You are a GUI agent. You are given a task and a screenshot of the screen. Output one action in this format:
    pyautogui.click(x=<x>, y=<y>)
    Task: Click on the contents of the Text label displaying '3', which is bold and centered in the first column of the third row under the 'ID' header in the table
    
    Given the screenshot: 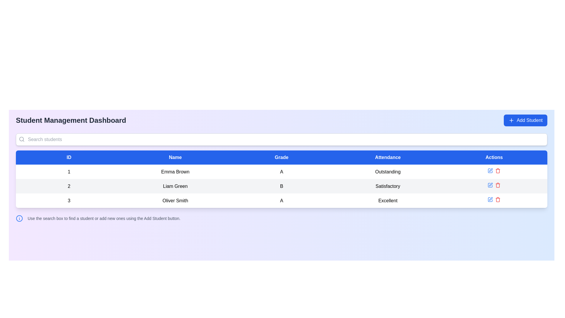 What is the action you would take?
    pyautogui.click(x=69, y=200)
    